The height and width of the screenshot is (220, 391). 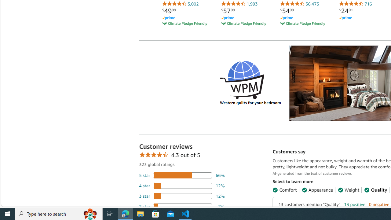 What do you see at coordinates (180, 4) in the screenshot?
I see `'5,002'` at bounding box center [180, 4].